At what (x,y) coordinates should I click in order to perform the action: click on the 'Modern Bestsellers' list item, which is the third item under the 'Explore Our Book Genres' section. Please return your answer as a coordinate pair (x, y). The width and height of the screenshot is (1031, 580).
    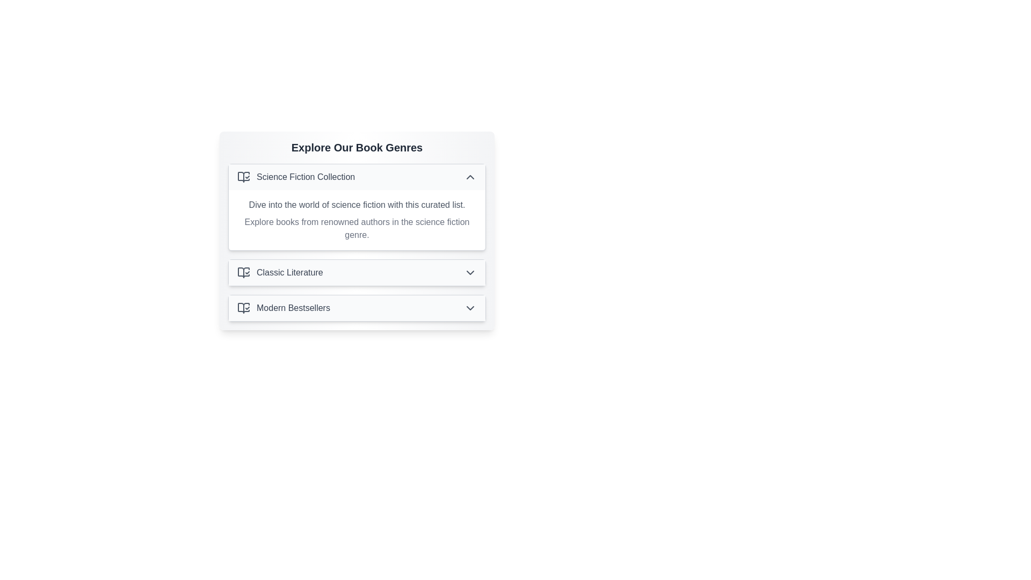
    Looking at the image, I should click on (284, 308).